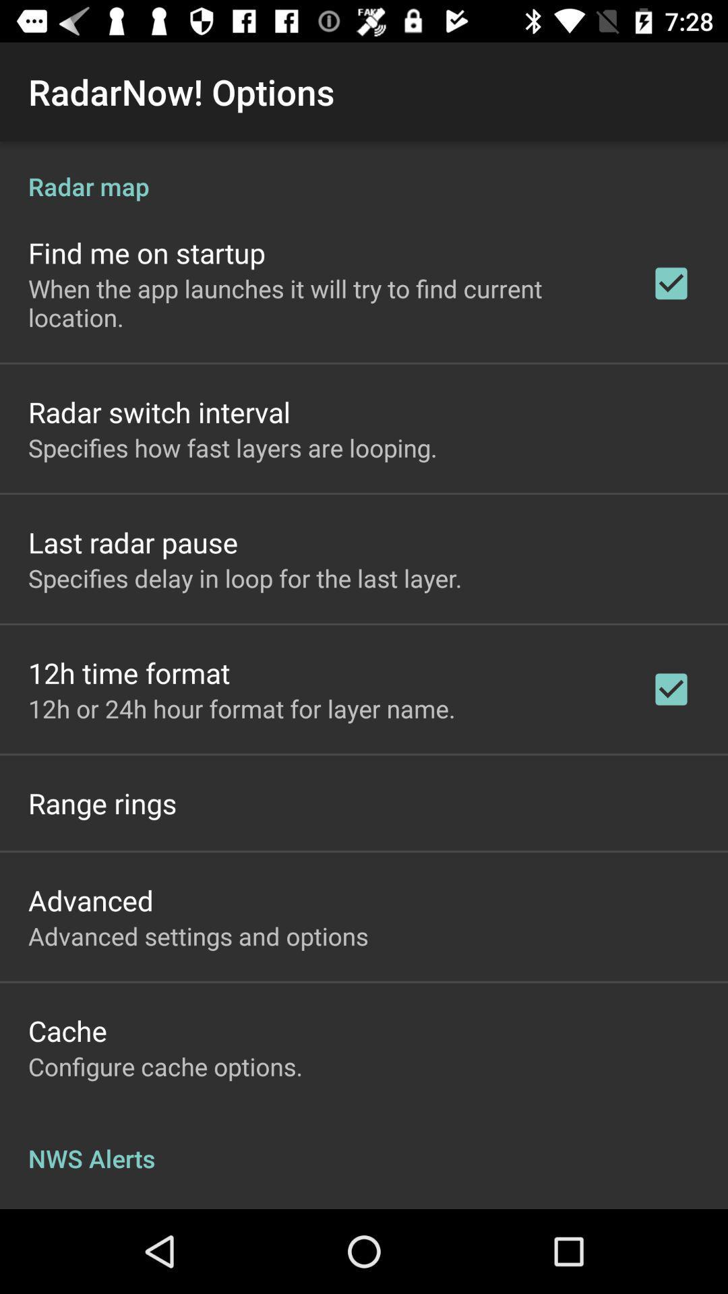 The width and height of the screenshot is (728, 1294). I want to click on configure cache options. app, so click(164, 1066).